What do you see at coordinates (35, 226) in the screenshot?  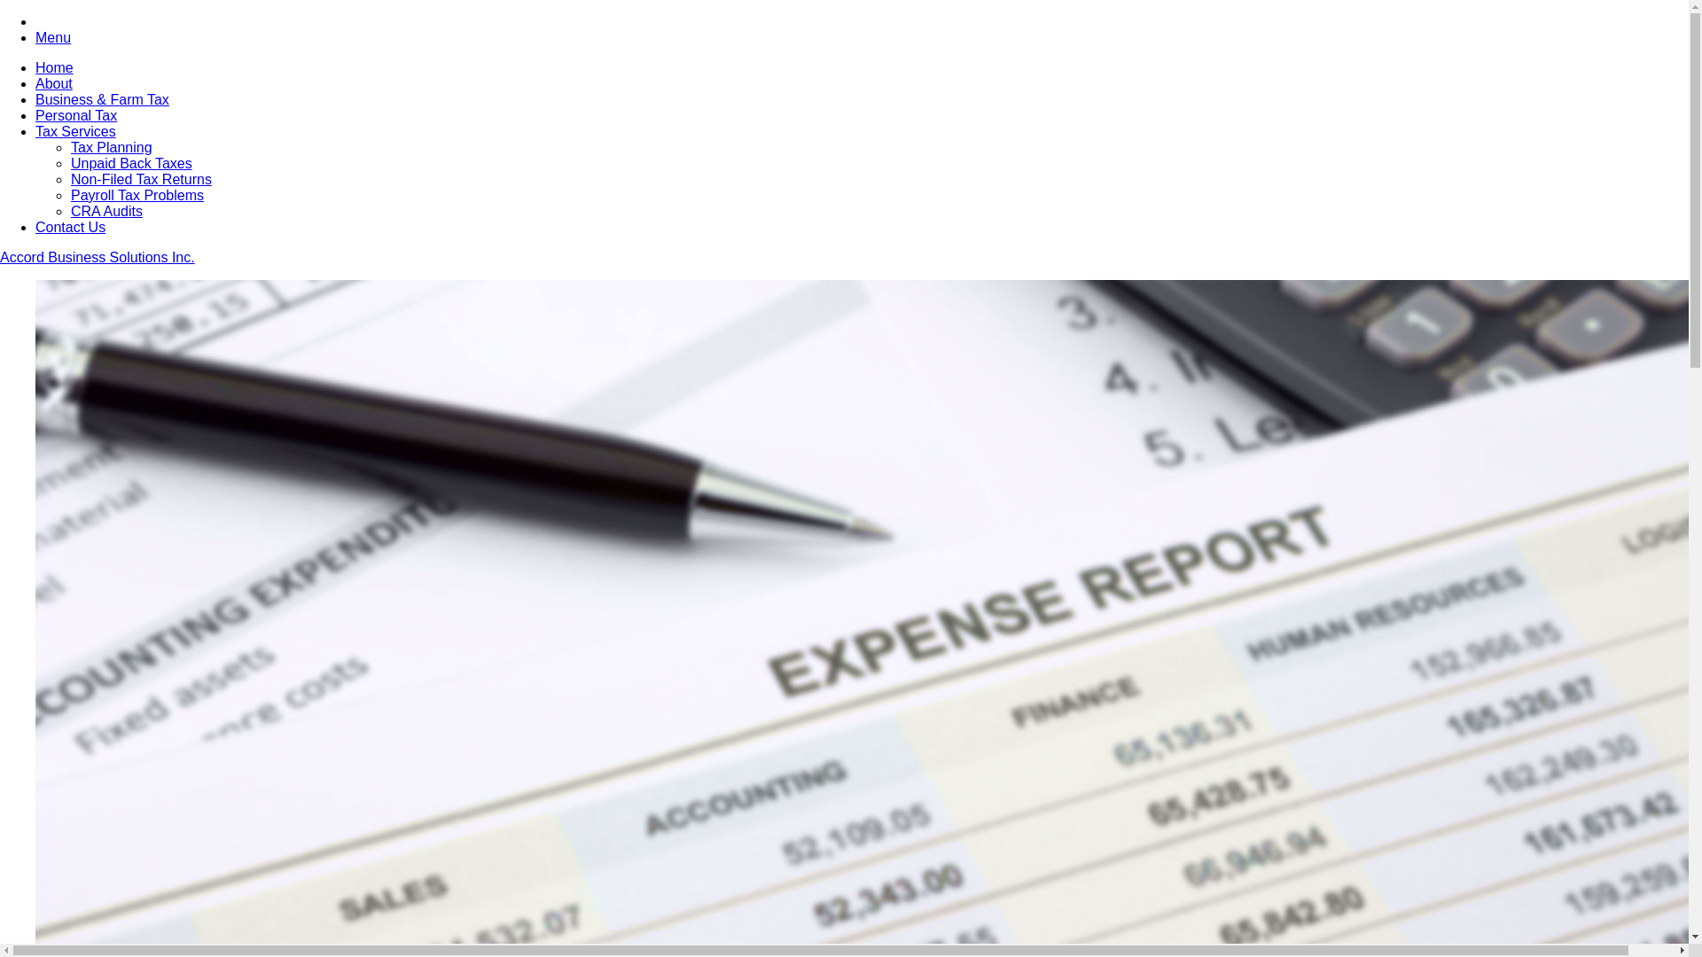 I see `'Contact Us'` at bounding box center [35, 226].